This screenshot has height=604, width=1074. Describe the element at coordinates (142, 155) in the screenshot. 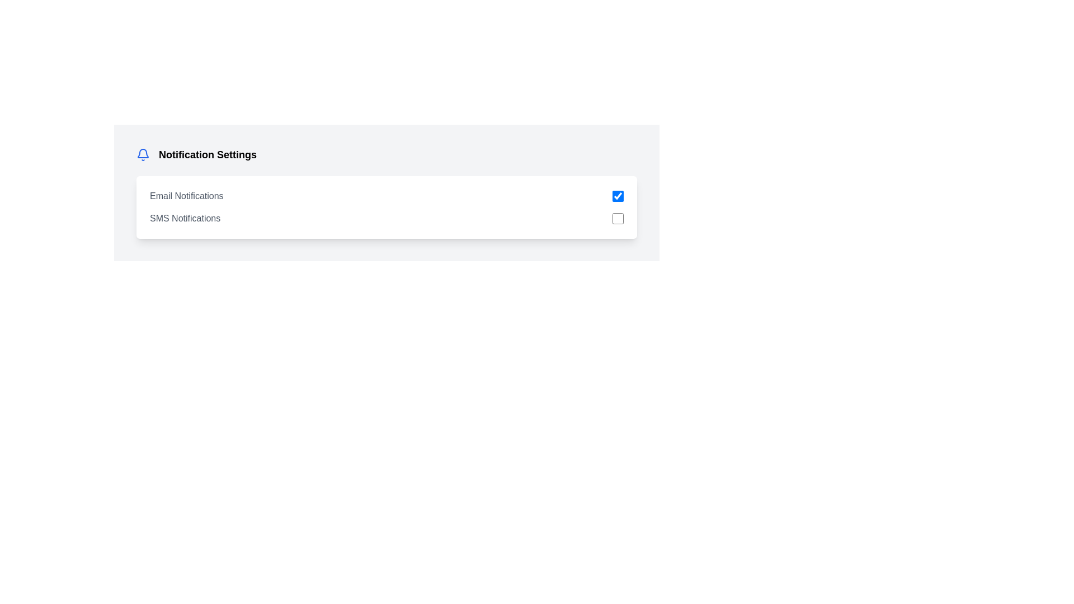

I see `the bell icon representing notification settings, located to the left of the text 'Notification Settings'` at that location.